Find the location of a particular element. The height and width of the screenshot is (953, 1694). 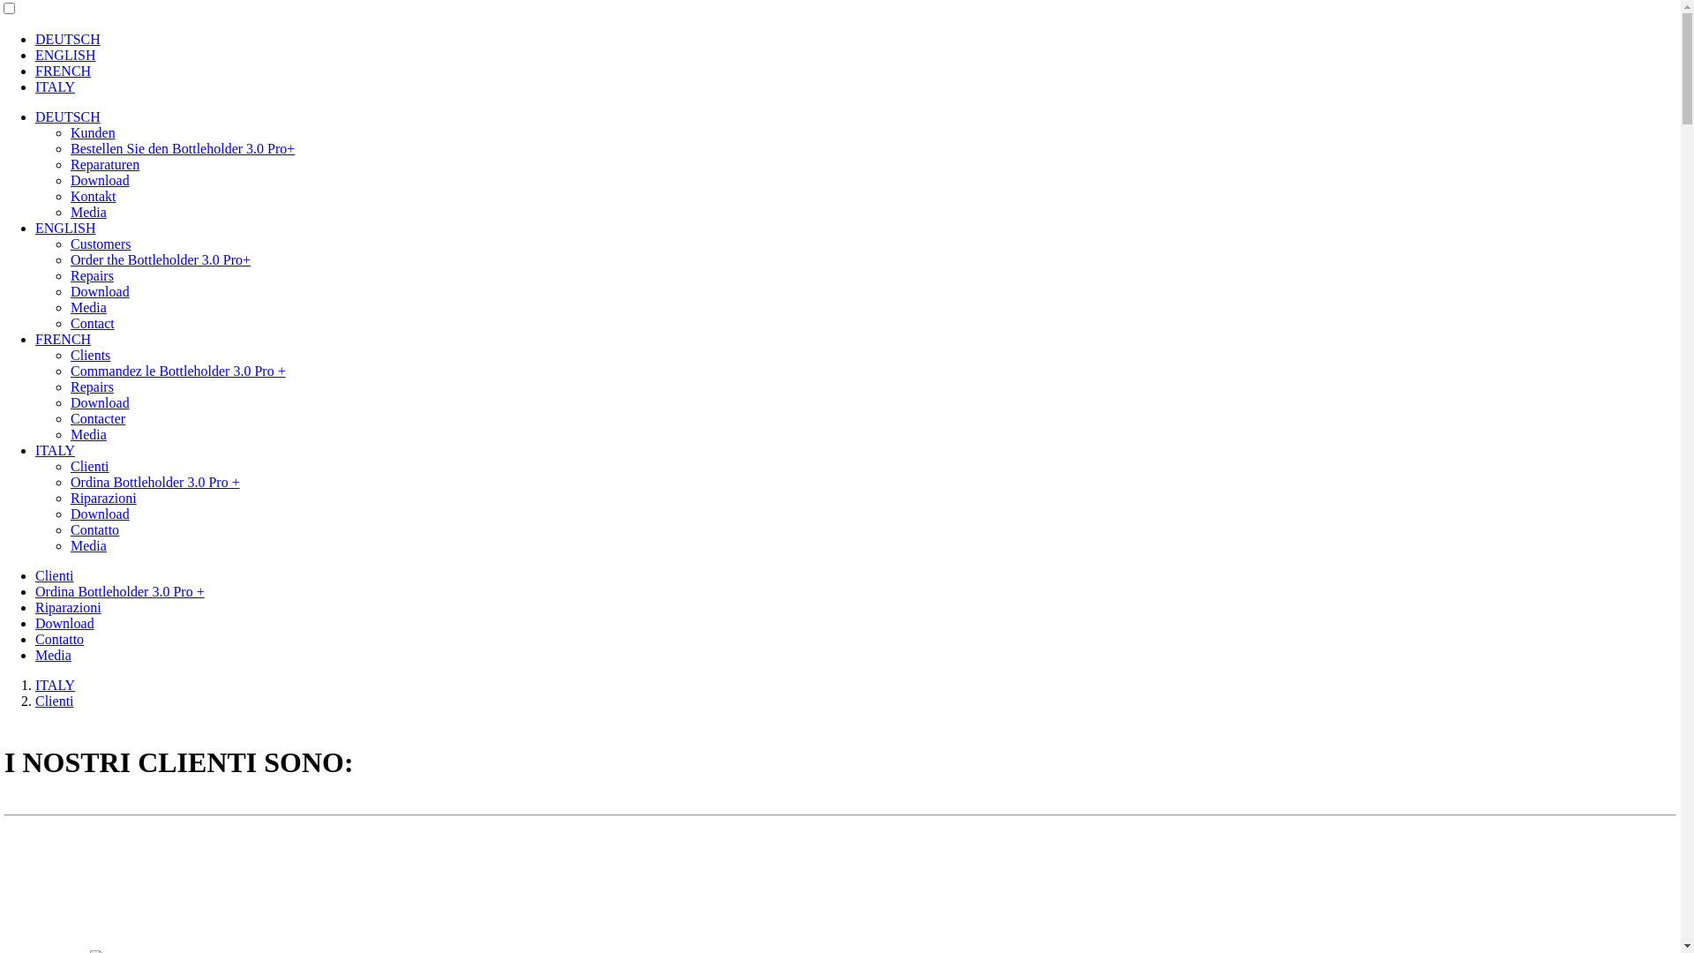

'Customers' is located at coordinates (100, 244).